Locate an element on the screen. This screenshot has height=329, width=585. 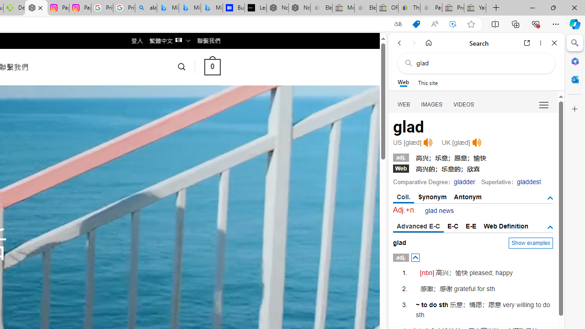
'Synonym' is located at coordinates (431, 196).